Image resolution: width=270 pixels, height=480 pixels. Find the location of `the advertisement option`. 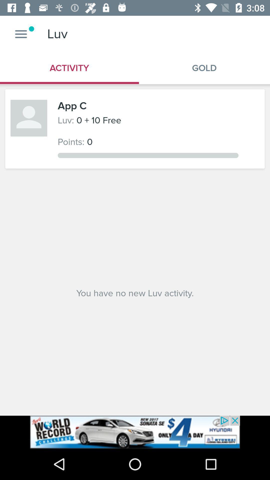

the advertisement option is located at coordinates (135, 432).